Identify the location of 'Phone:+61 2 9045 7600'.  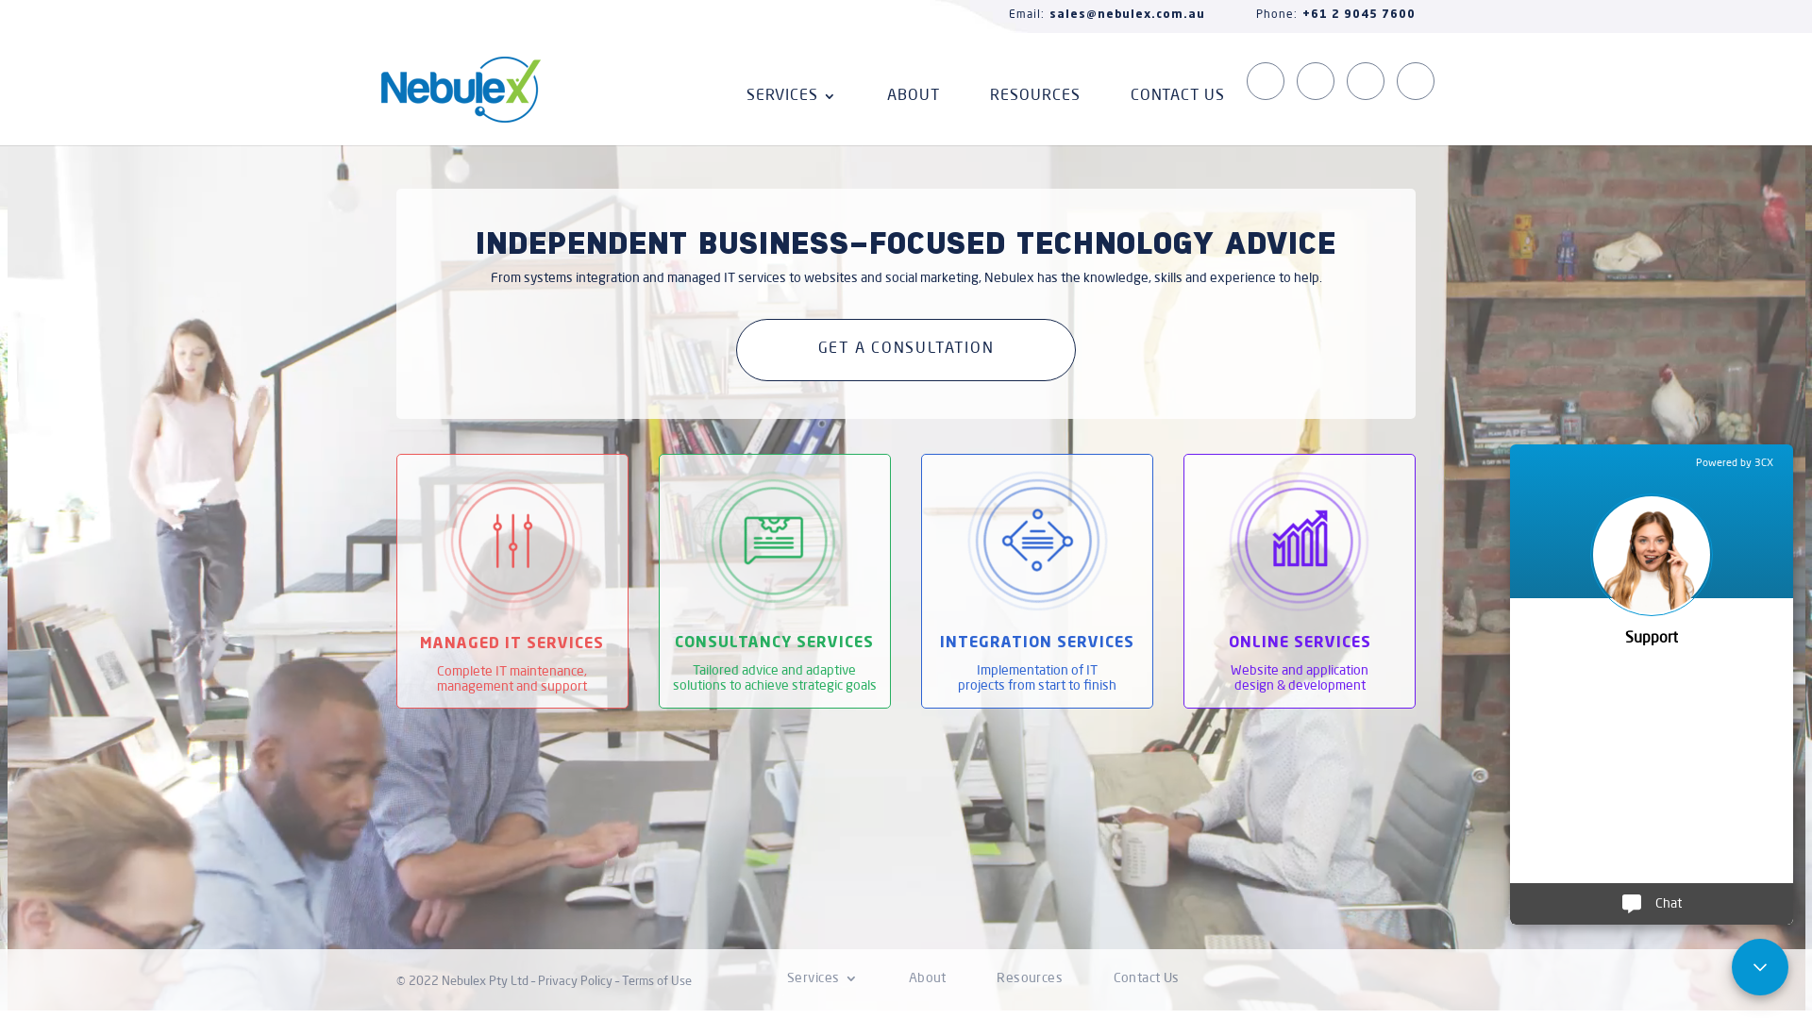
(1311, 14).